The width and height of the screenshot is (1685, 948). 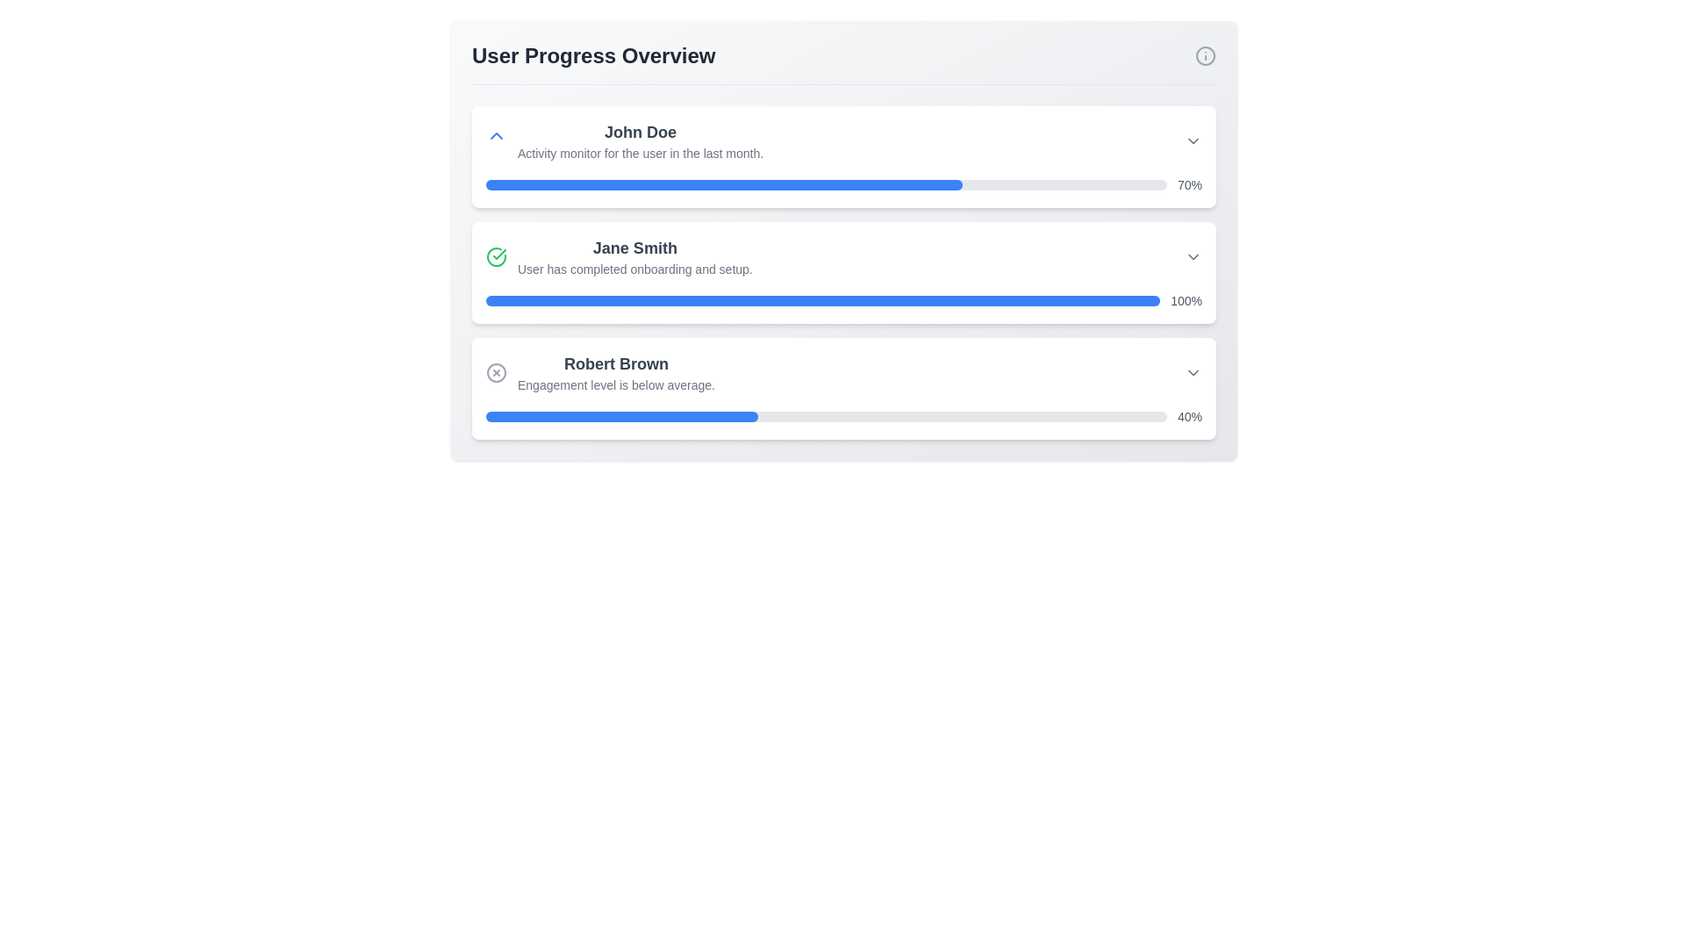 What do you see at coordinates (634, 248) in the screenshot?
I see `text label displaying the user's name, which is centrally located above the onboarding completion message` at bounding box center [634, 248].